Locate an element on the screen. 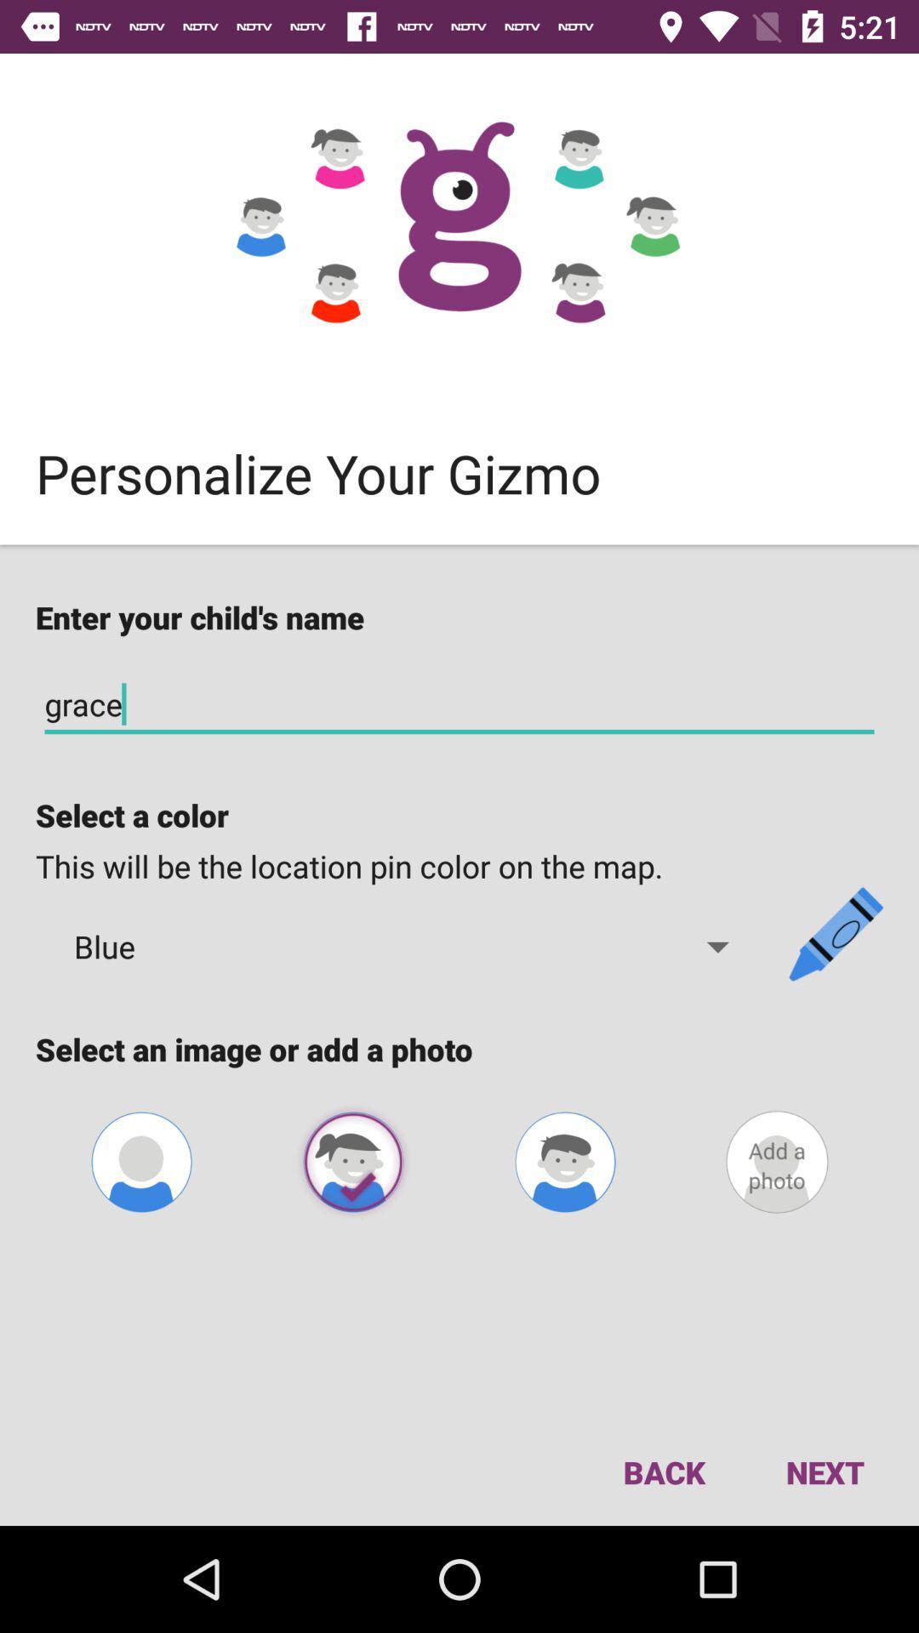 This screenshot has height=1633, width=919. conf is located at coordinates (140, 1161).